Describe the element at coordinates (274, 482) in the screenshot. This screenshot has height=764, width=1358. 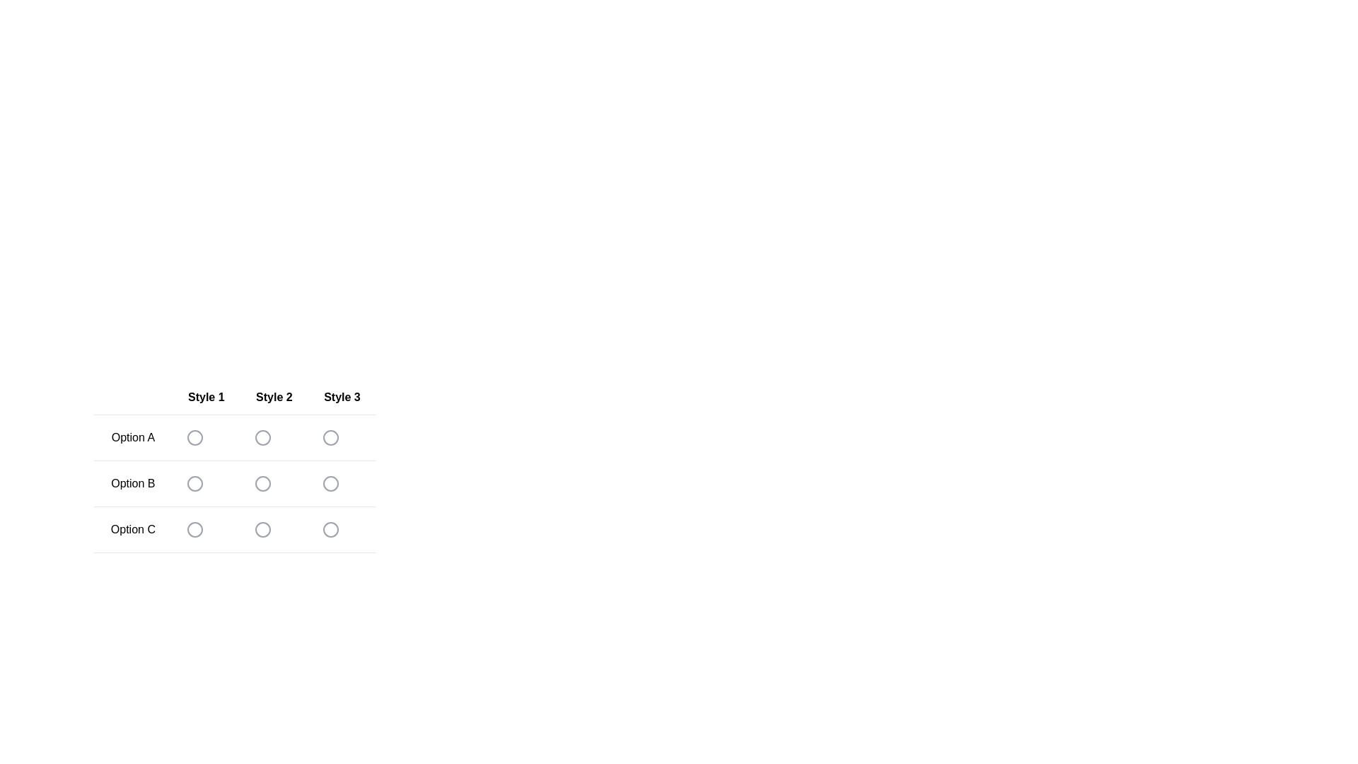
I see `the circular radio button labeled 'Option B'` at that location.